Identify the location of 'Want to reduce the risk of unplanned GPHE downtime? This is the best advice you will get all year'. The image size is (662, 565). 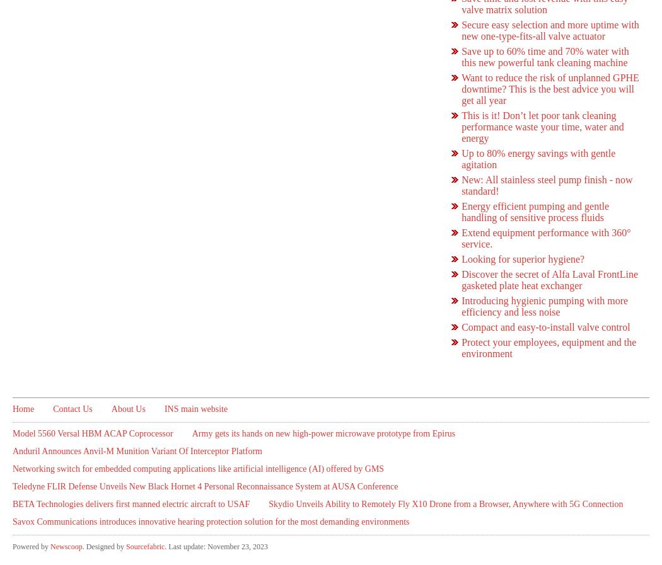
(460, 88).